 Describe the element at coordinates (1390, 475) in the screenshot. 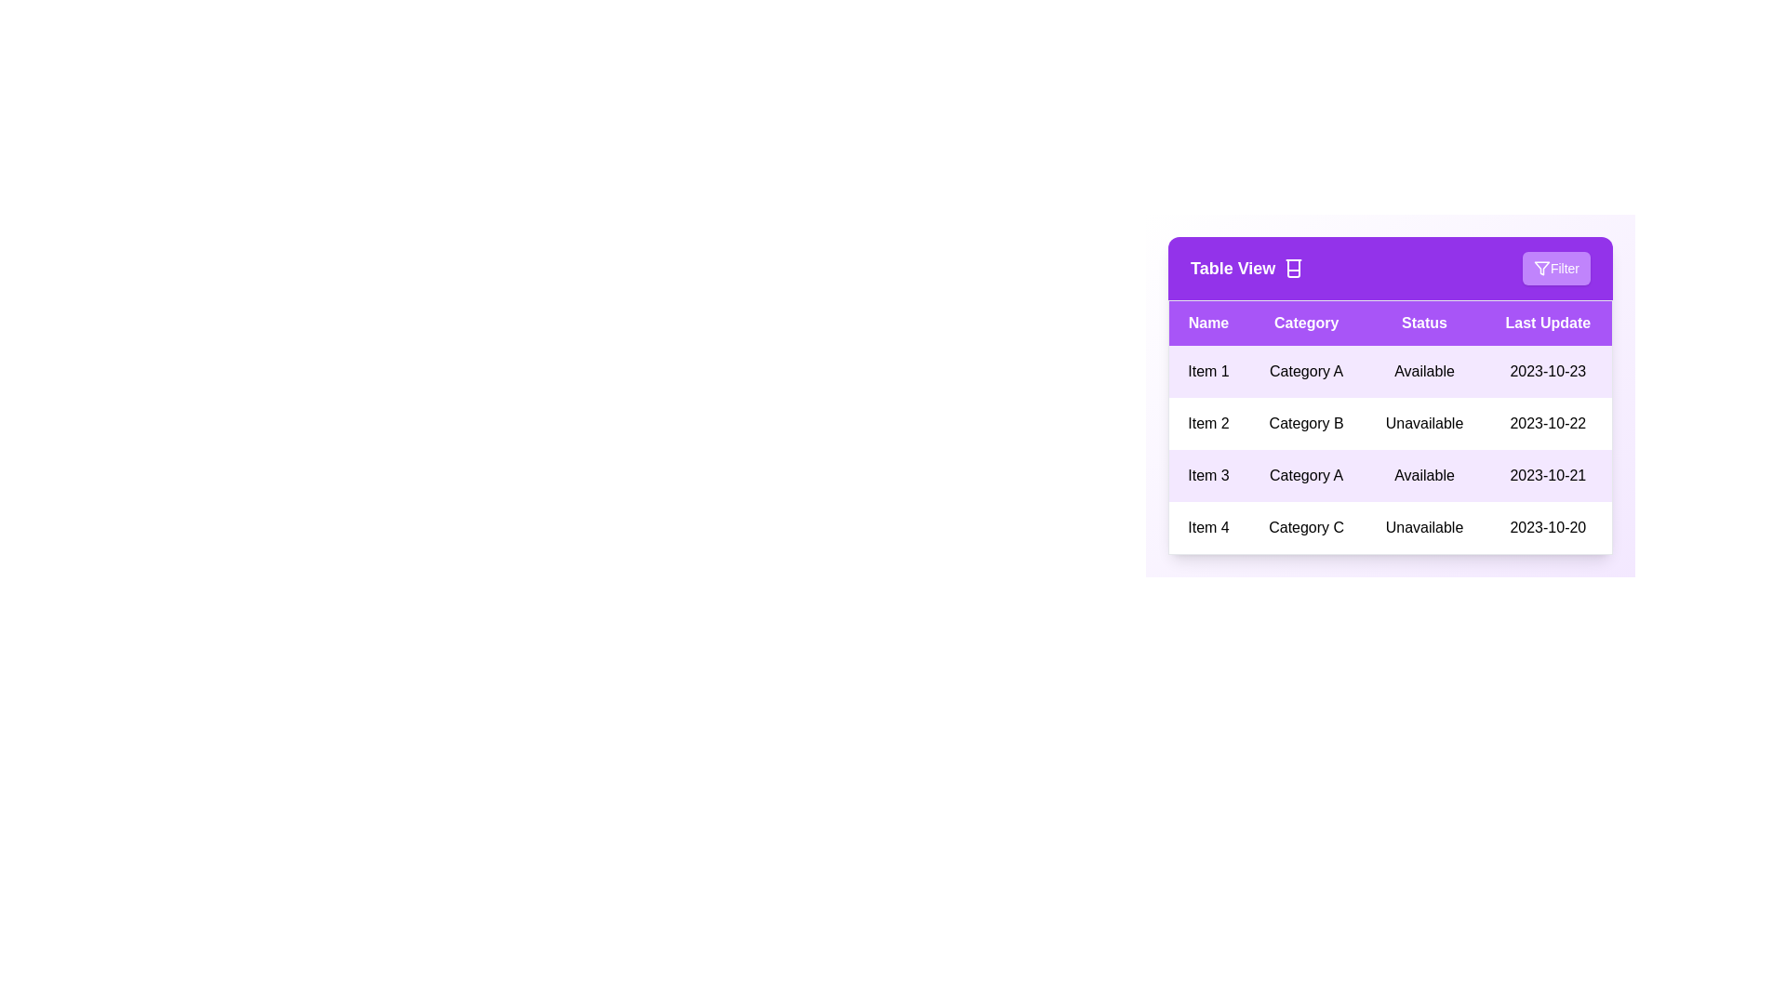

I see `the row corresponding to 3` at that location.